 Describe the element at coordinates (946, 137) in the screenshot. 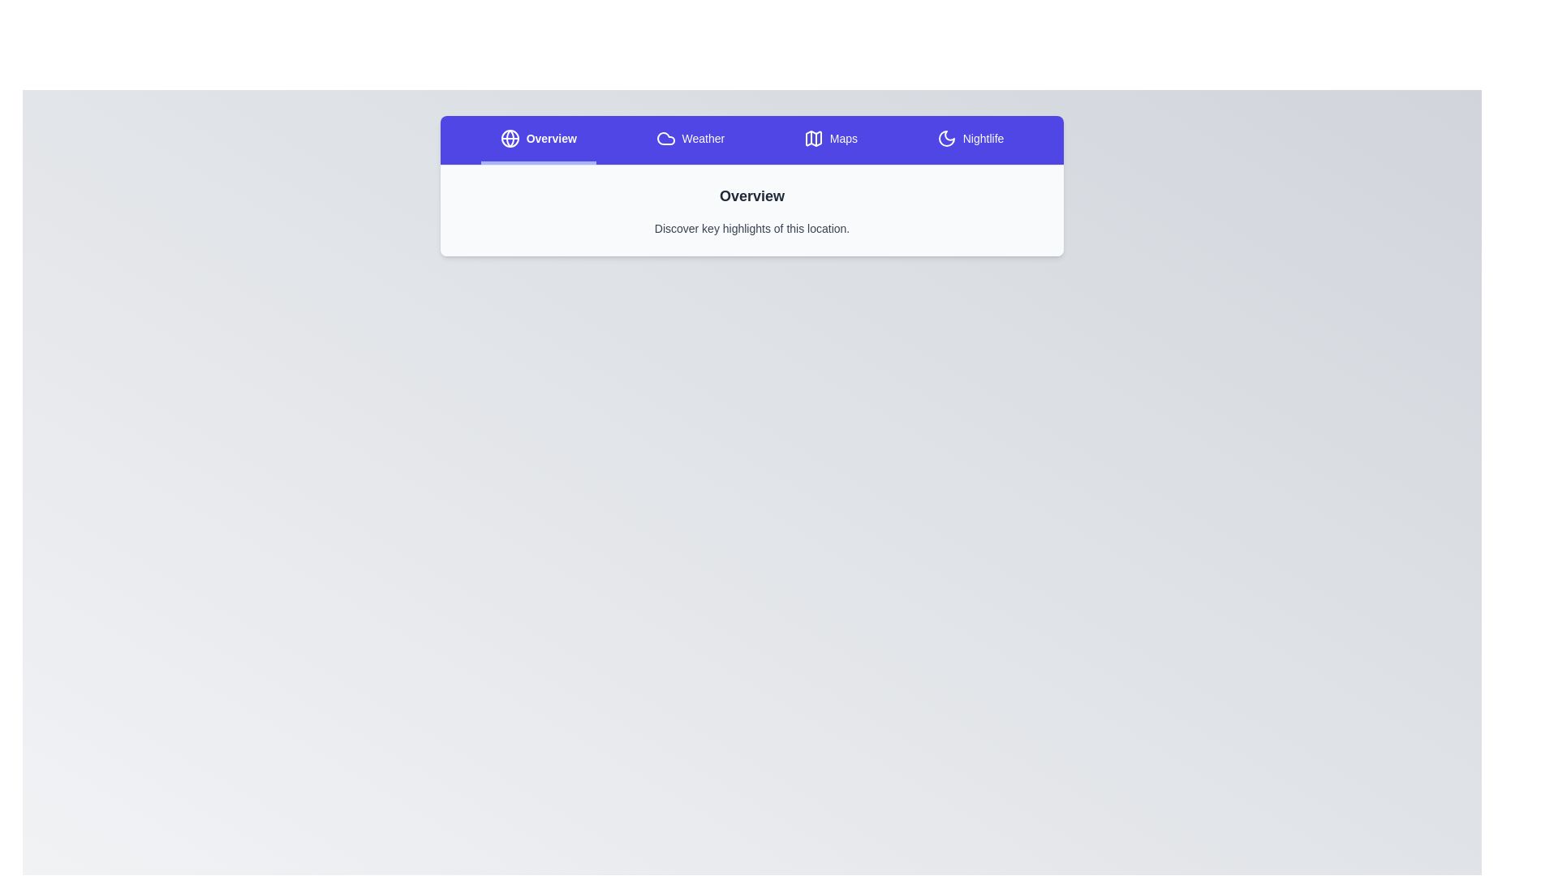

I see `the icon of the Nightlife tab` at that location.